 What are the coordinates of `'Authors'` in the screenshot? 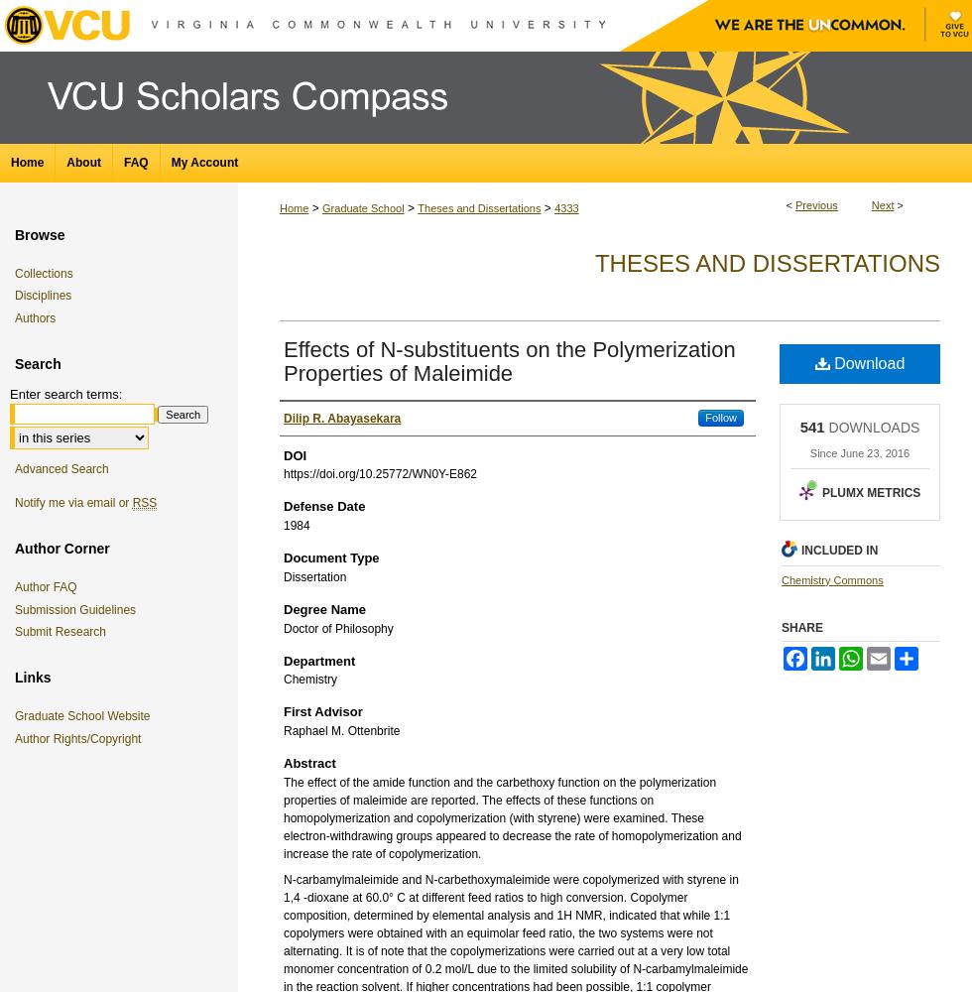 It's located at (35, 316).